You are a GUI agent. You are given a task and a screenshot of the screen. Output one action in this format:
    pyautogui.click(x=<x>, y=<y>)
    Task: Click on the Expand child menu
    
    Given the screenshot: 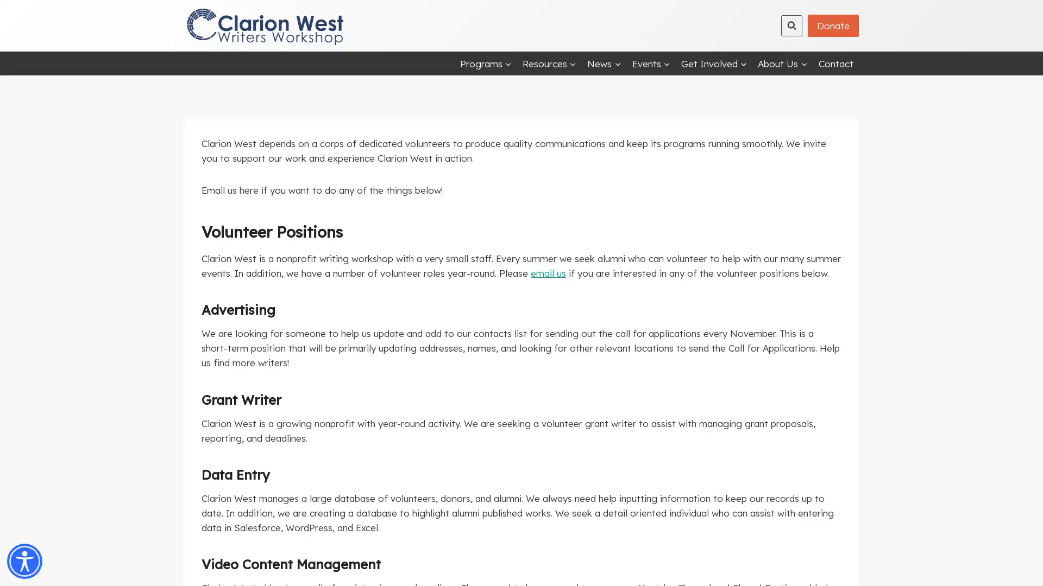 What is the action you would take?
    pyautogui.click(x=651, y=63)
    